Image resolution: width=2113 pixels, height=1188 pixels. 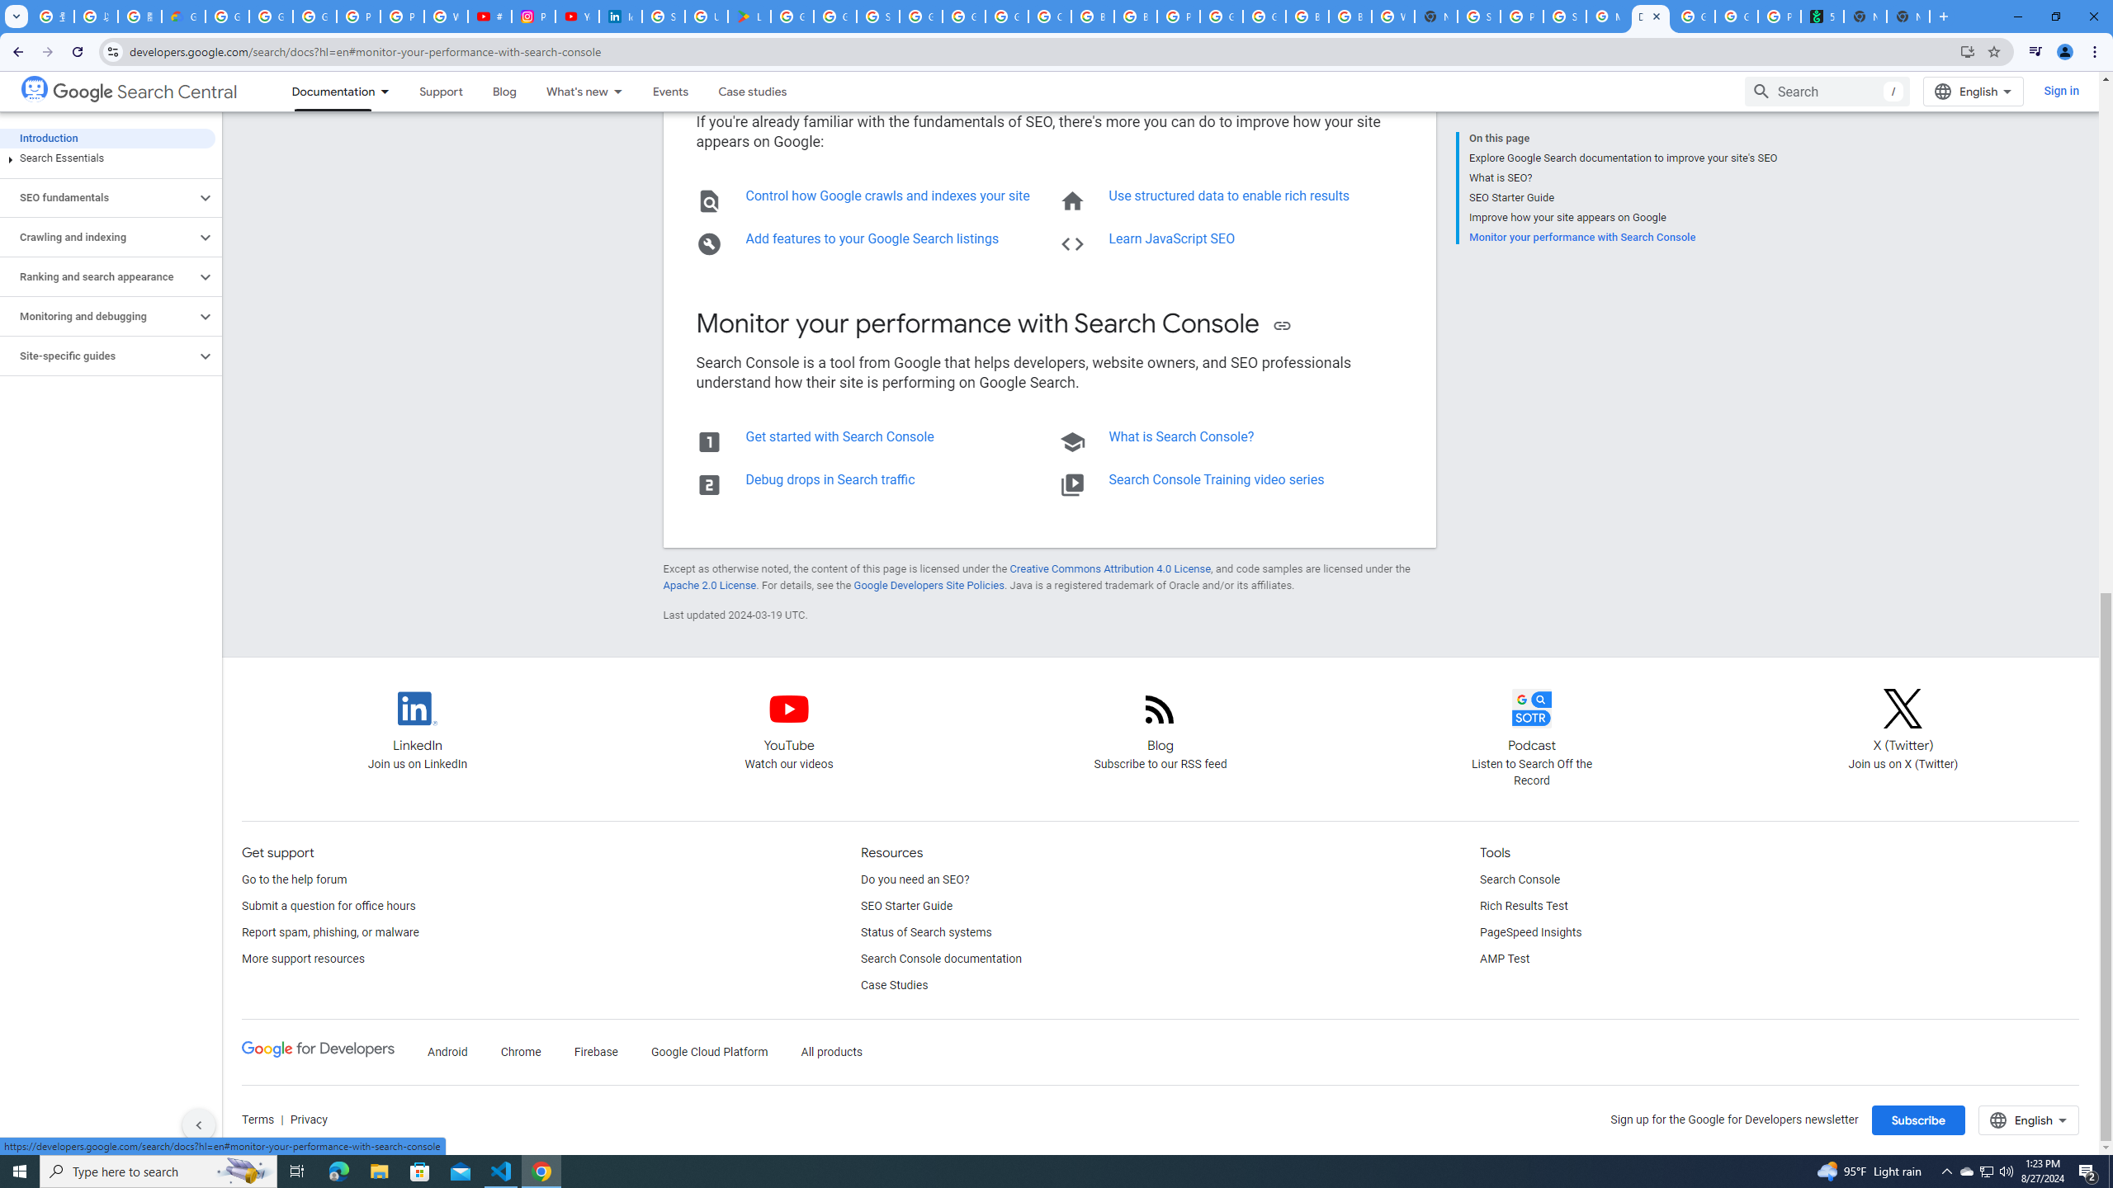 What do you see at coordinates (107, 158) in the screenshot?
I see `'Search Essentials'` at bounding box center [107, 158].